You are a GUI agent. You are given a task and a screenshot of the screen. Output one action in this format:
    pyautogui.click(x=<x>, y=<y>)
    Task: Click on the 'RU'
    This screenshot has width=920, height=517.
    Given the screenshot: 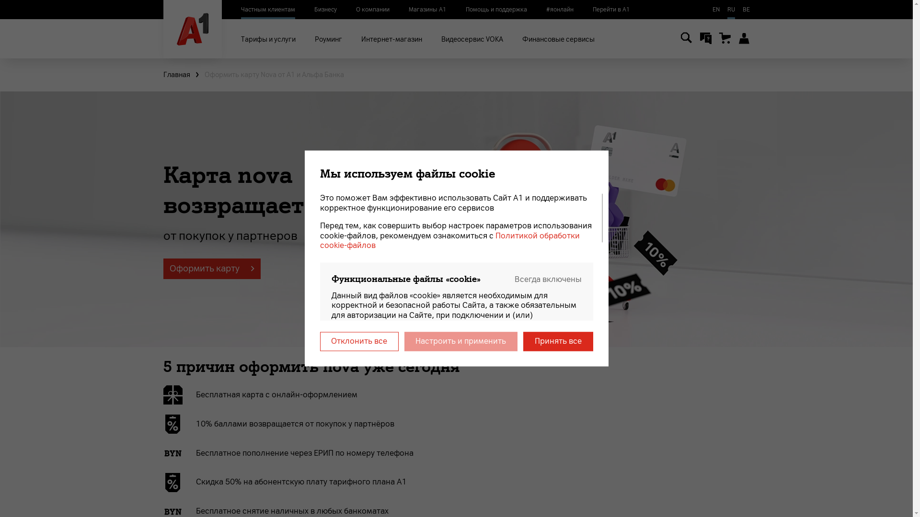 What is the action you would take?
    pyautogui.click(x=727, y=9)
    